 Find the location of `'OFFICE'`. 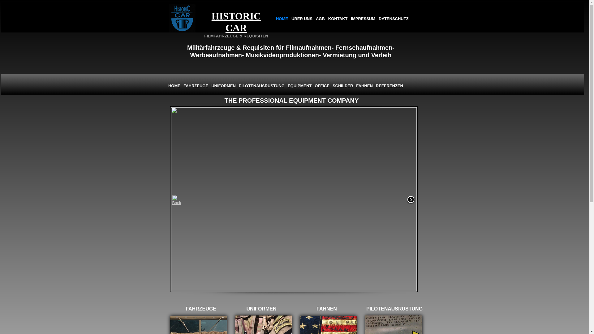

'OFFICE' is located at coordinates (313, 86).